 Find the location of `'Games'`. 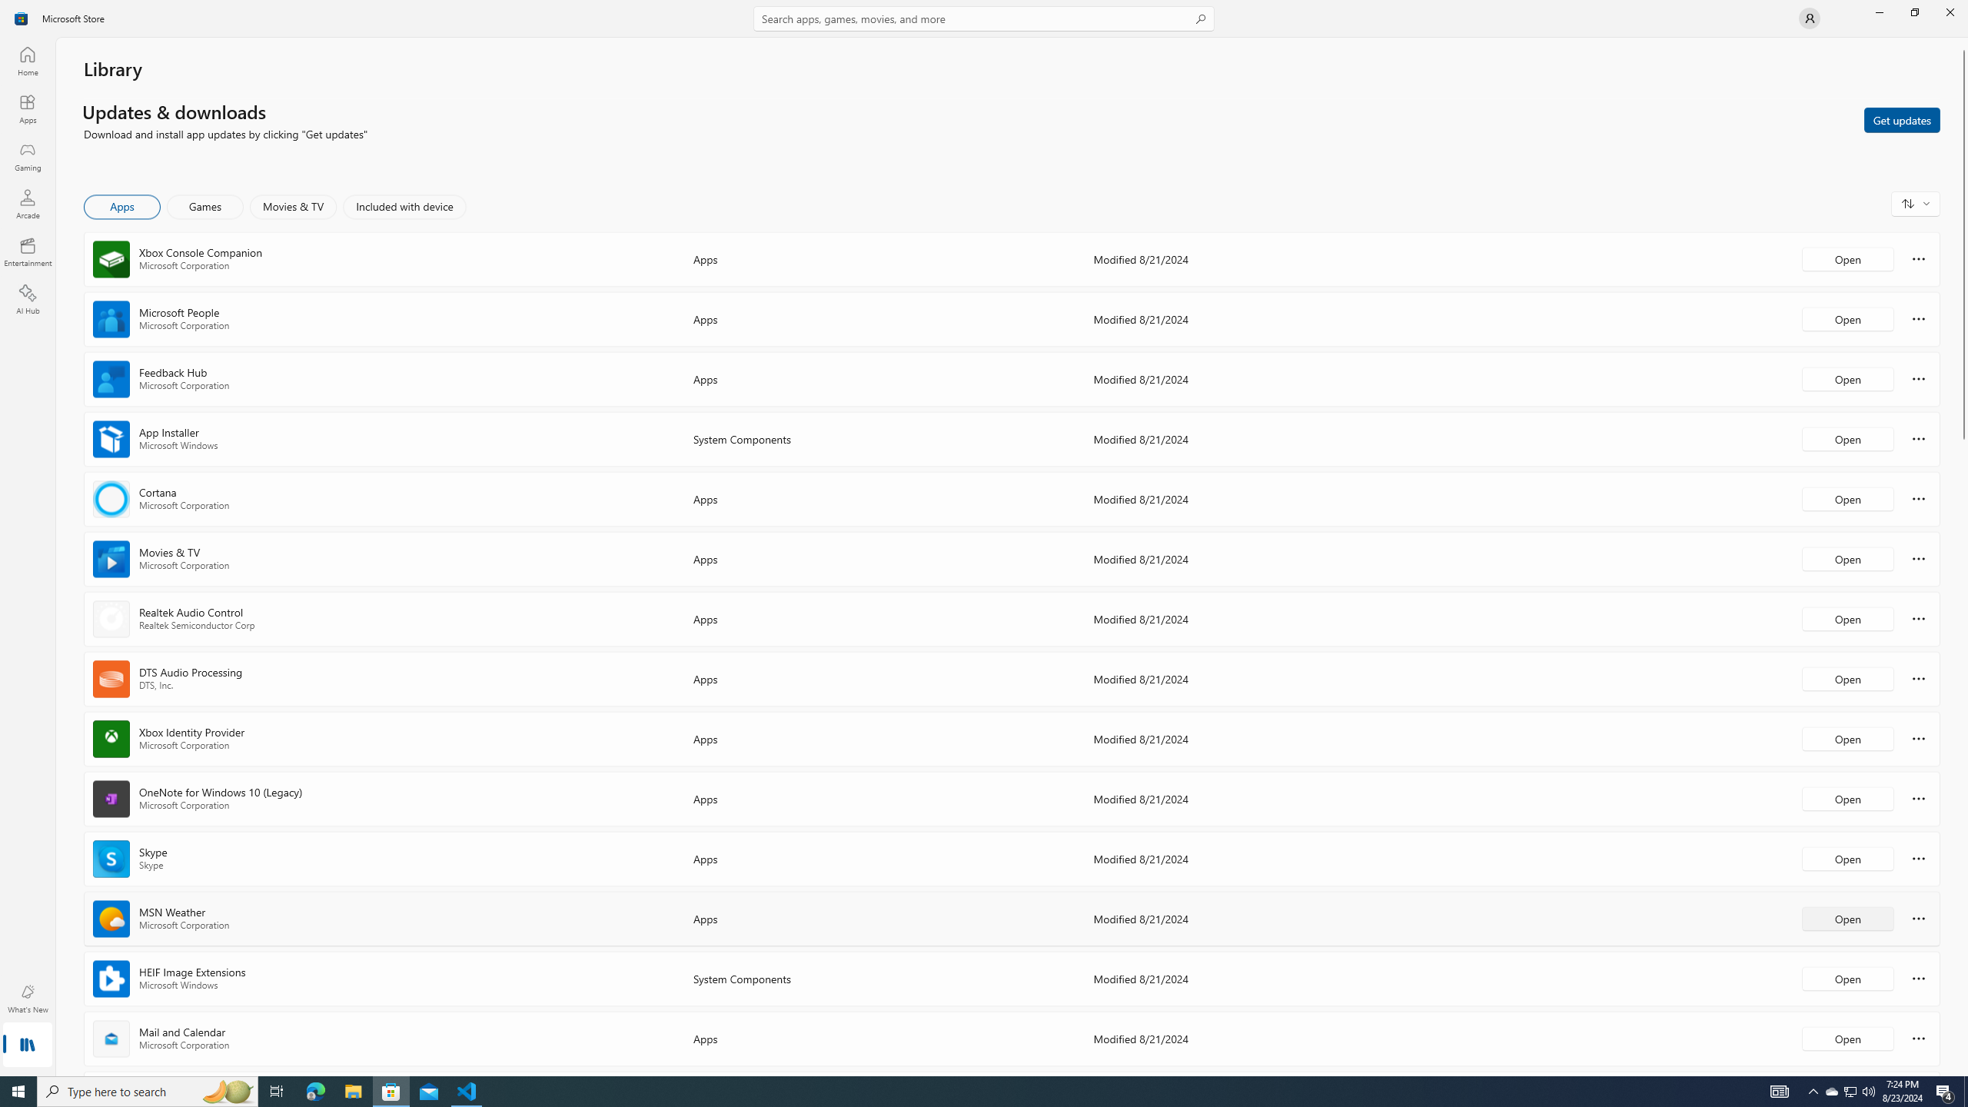

'Games' is located at coordinates (204, 206).